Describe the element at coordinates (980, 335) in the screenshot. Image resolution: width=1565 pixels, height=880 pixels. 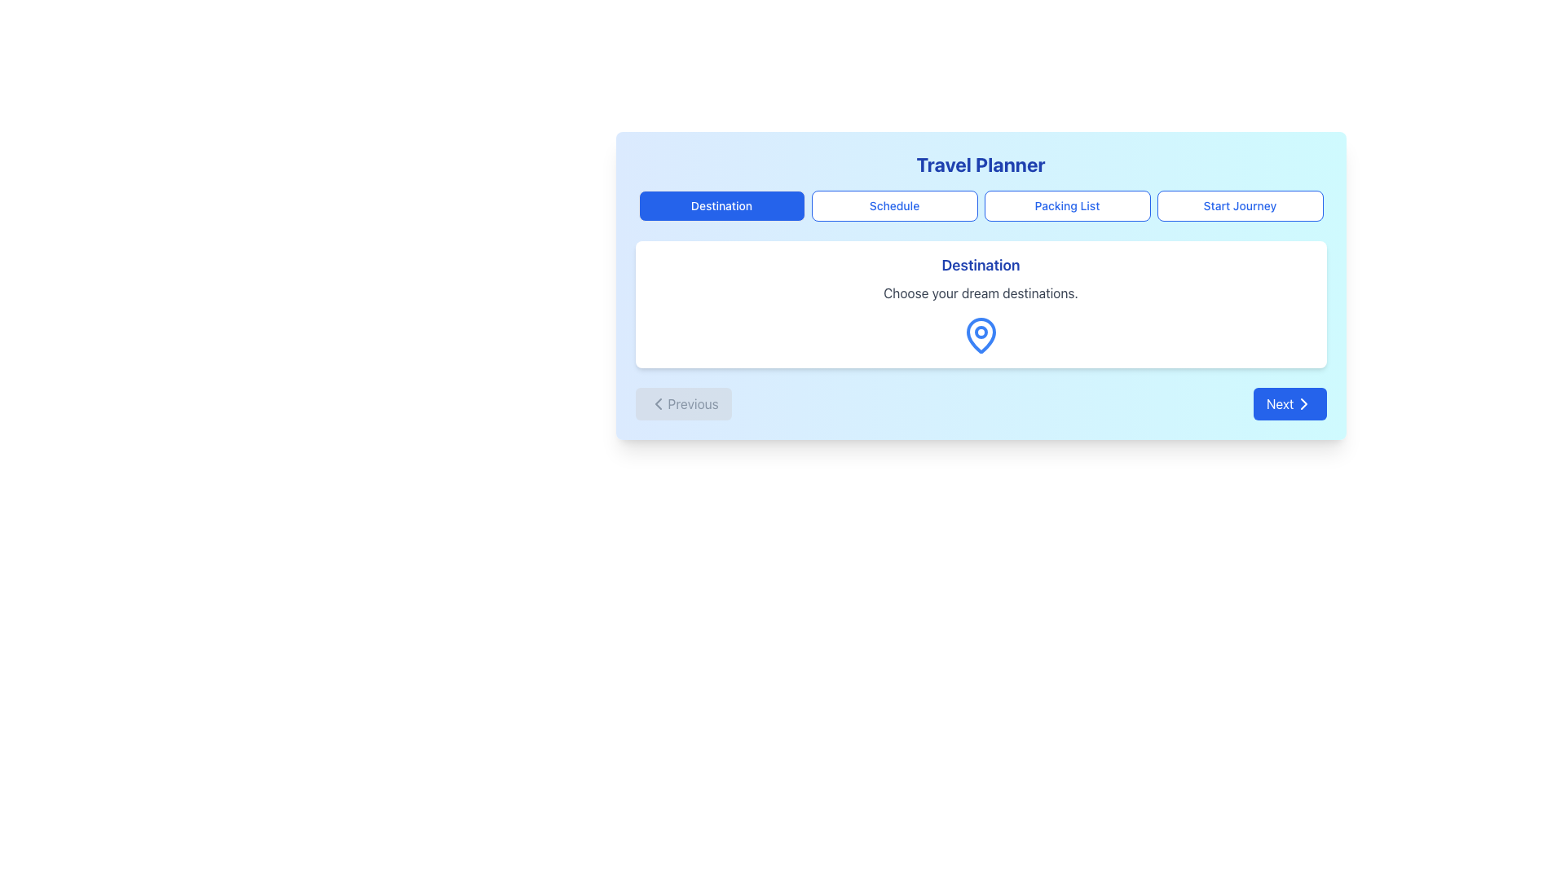
I see `the location selection icon located below the 'Destination' section in the main content area` at that location.